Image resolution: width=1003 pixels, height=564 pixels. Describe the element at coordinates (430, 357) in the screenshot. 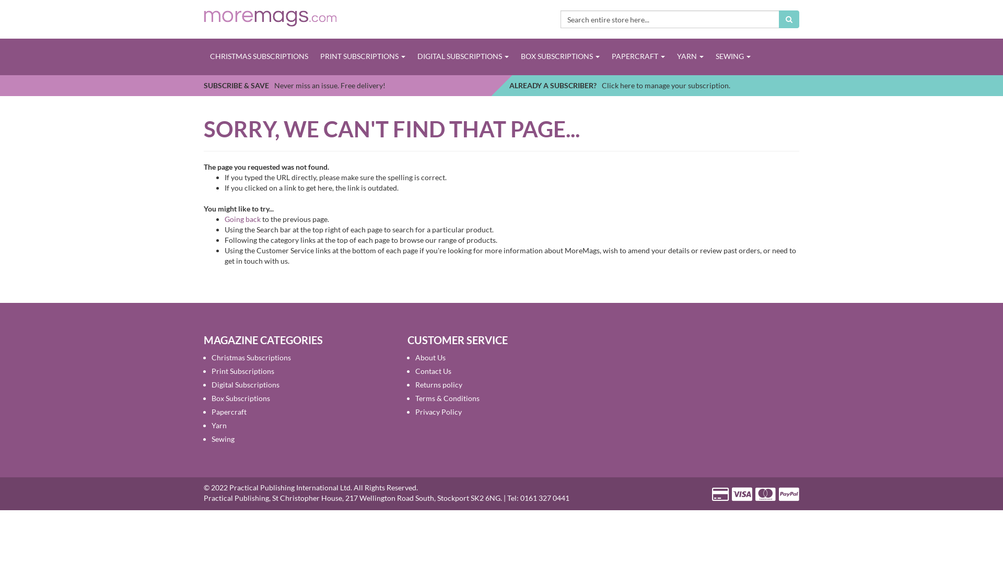

I see `'About Us'` at that location.